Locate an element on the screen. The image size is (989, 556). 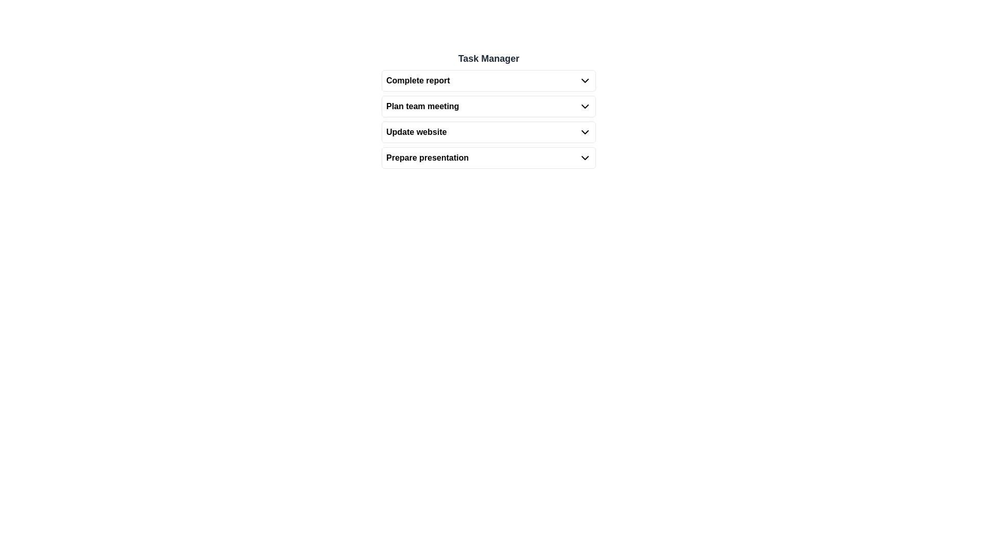
the fourth item in the dropdown menu, which is positioned below the 'Update website' option is located at coordinates (488, 158).